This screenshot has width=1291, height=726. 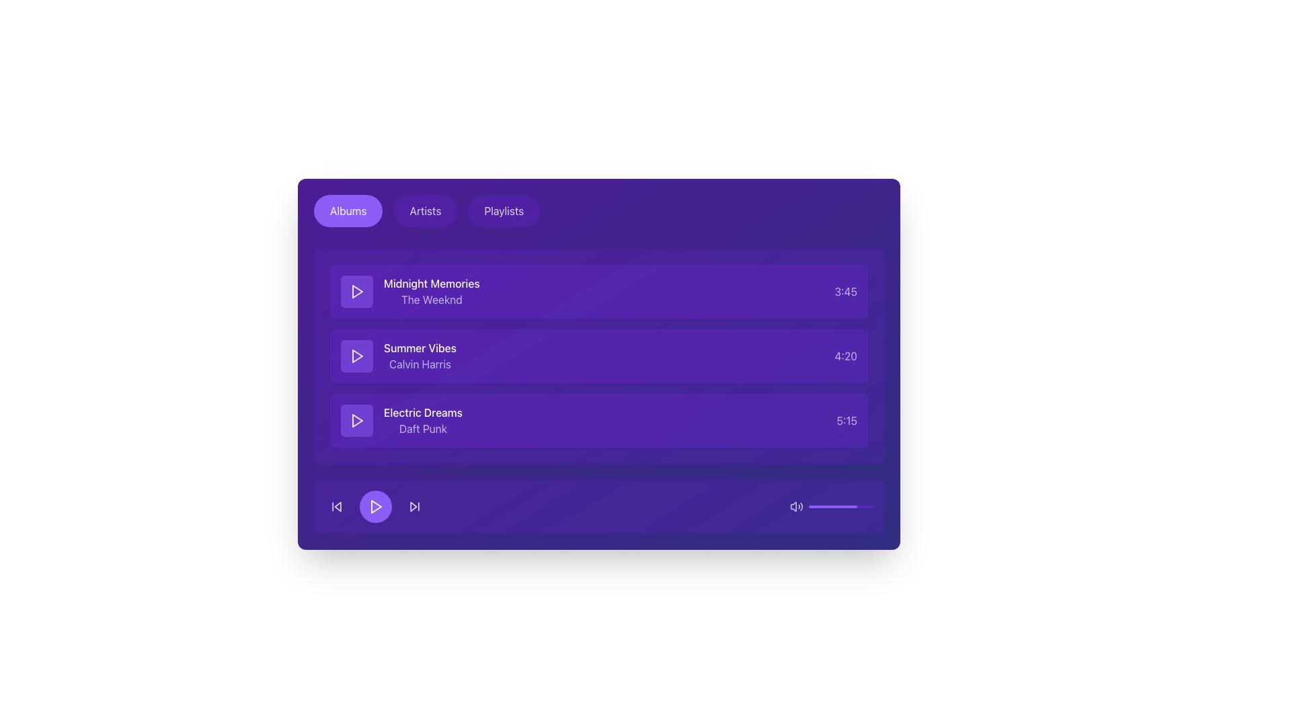 I want to click on the 'play' button located at the center of the horizontal control bar at the bottom of the interface to observe the hover effect, so click(x=375, y=506).